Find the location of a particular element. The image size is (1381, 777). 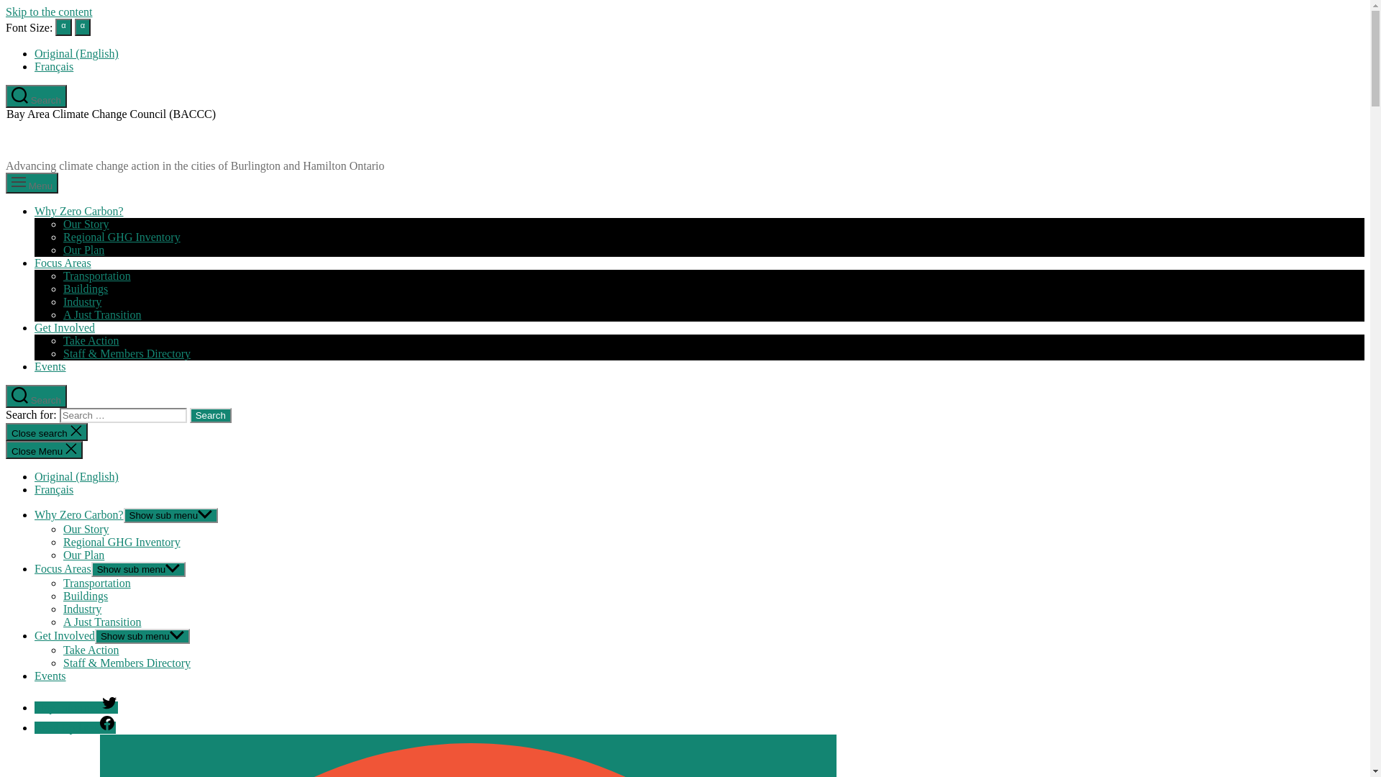

'Stay Informed' is located at coordinates (35, 706).